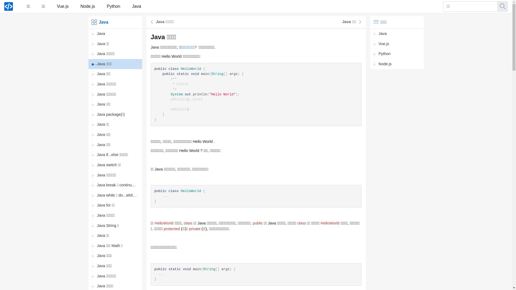 The height and width of the screenshot is (290, 516). What do you see at coordinates (397, 34) in the screenshot?
I see `'Java'` at bounding box center [397, 34].